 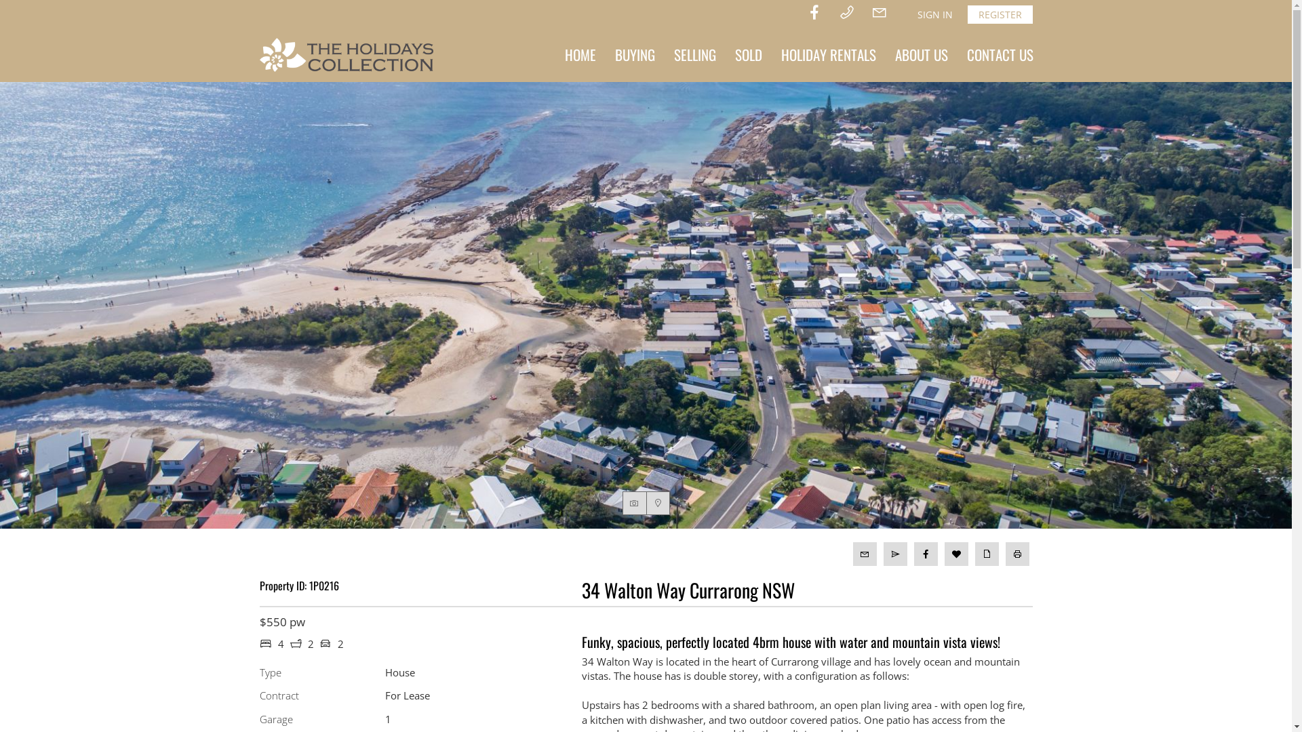 I want to click on 'HOME', so click(x=579, y=54).